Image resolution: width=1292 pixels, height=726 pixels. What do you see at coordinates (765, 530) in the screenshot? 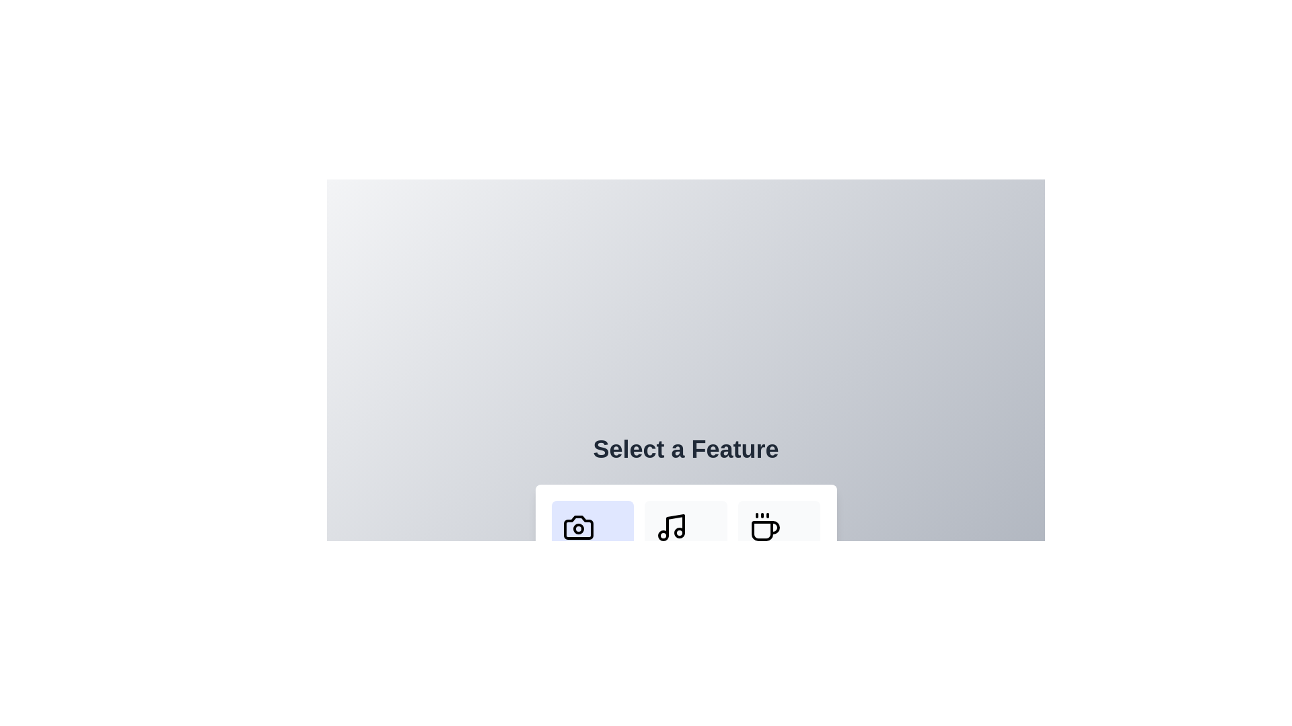
I see `the main body of the coffee cup icon located within the rightmost icon of a row of three icons at the bottom center of the interface` at bounding box center [765, 530].